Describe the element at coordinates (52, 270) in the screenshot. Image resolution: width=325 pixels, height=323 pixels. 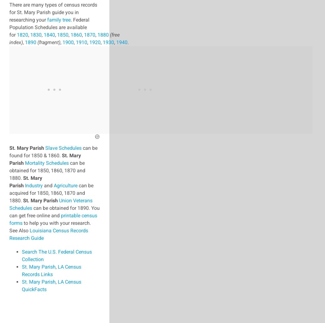
I see `'St. Mary Parish, LA Census Records Links'` at that location.